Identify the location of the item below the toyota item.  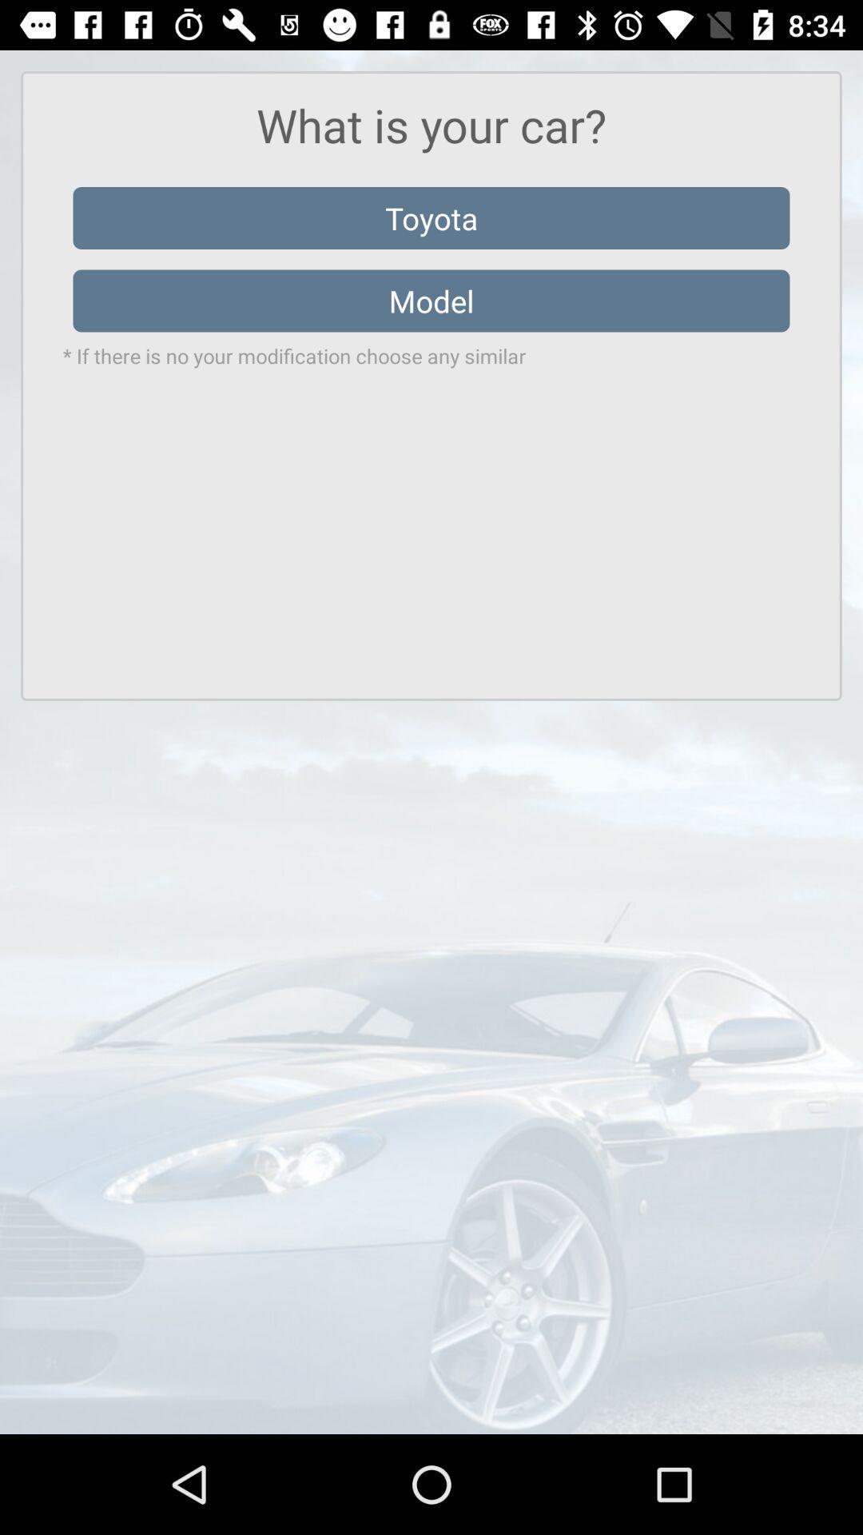
(431, 301).